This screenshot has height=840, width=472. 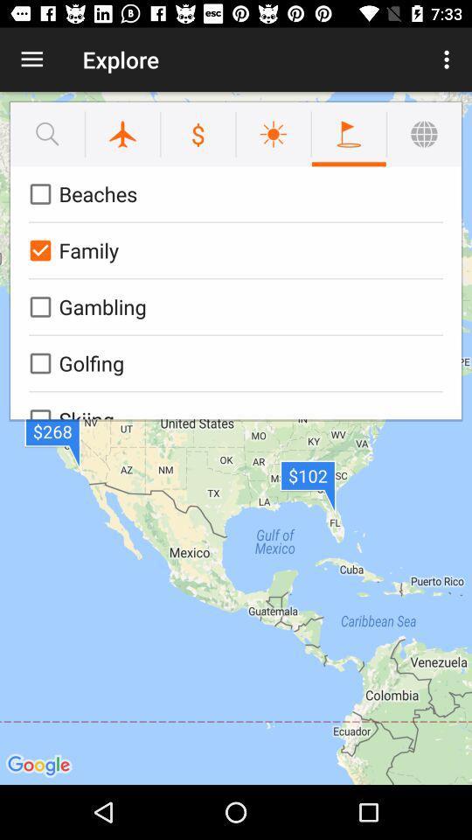 I want to click on the golfing icon, so click(x=233, y=362).